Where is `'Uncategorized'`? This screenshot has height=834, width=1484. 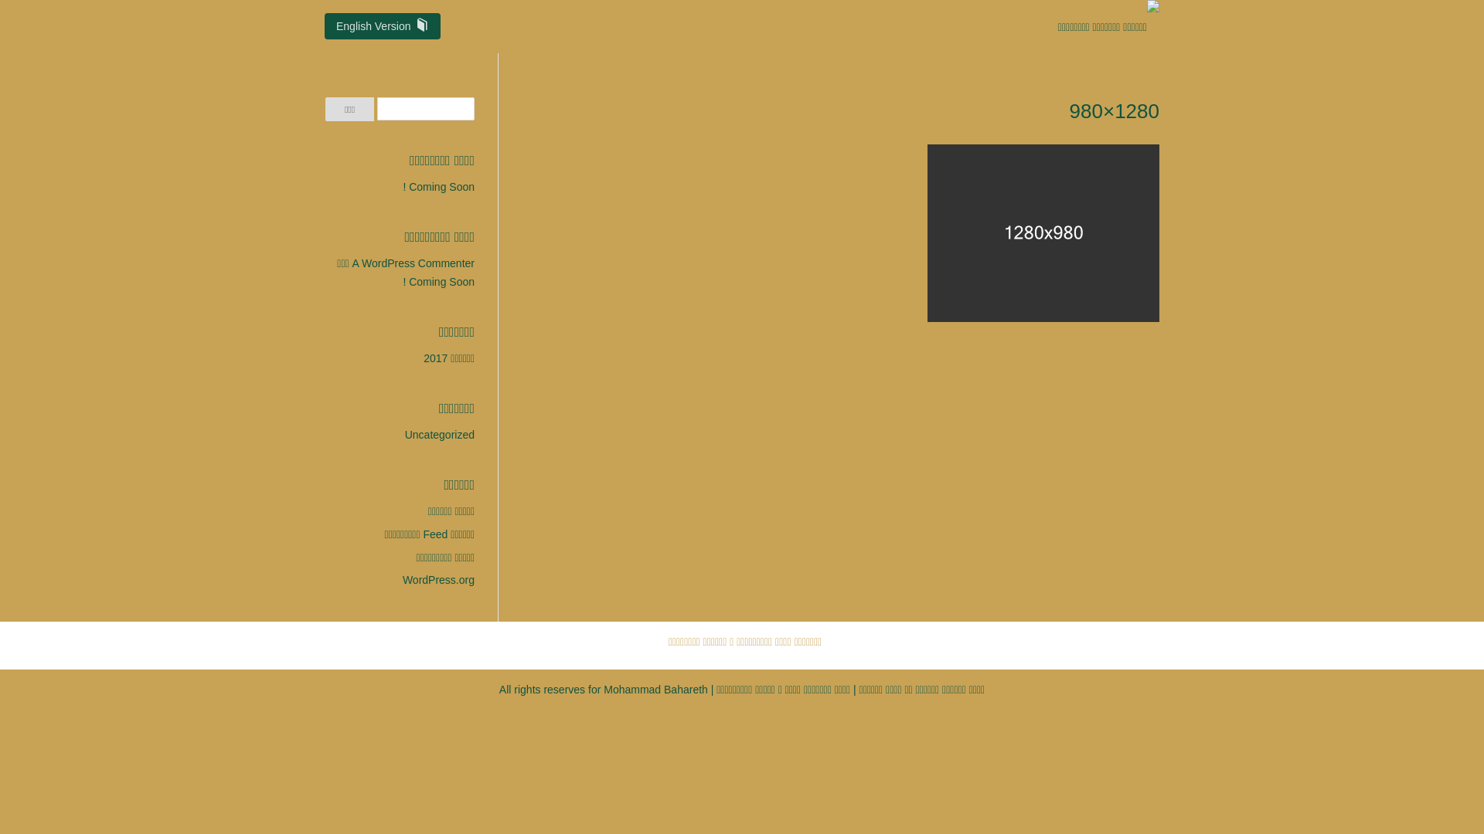
'Uncategorized' is located at coordinates (439, 435).